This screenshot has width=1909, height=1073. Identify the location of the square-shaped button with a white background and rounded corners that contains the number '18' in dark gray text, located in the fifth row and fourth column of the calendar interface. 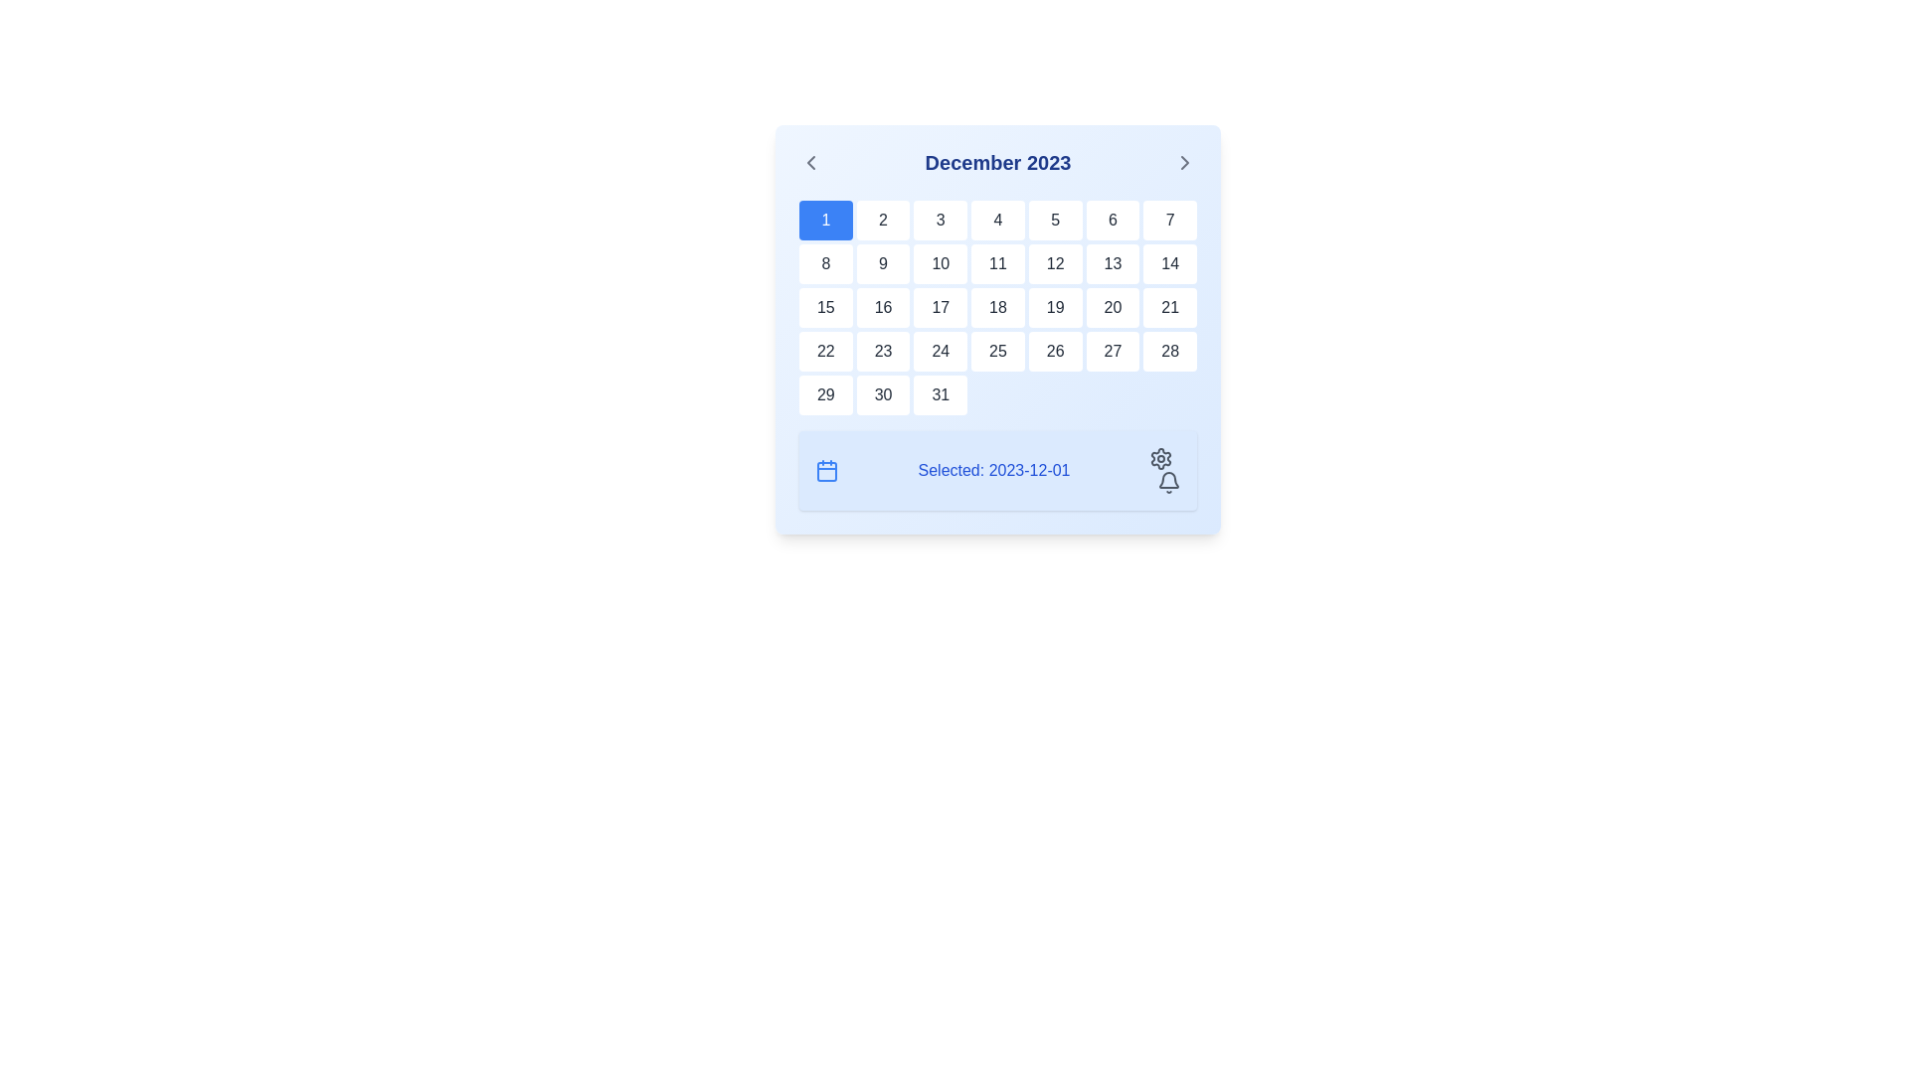
(997, 307).